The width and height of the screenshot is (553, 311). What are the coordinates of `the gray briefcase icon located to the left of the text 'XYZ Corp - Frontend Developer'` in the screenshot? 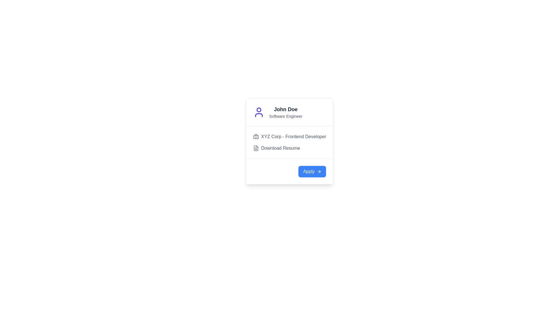 It's located at (255, 136).